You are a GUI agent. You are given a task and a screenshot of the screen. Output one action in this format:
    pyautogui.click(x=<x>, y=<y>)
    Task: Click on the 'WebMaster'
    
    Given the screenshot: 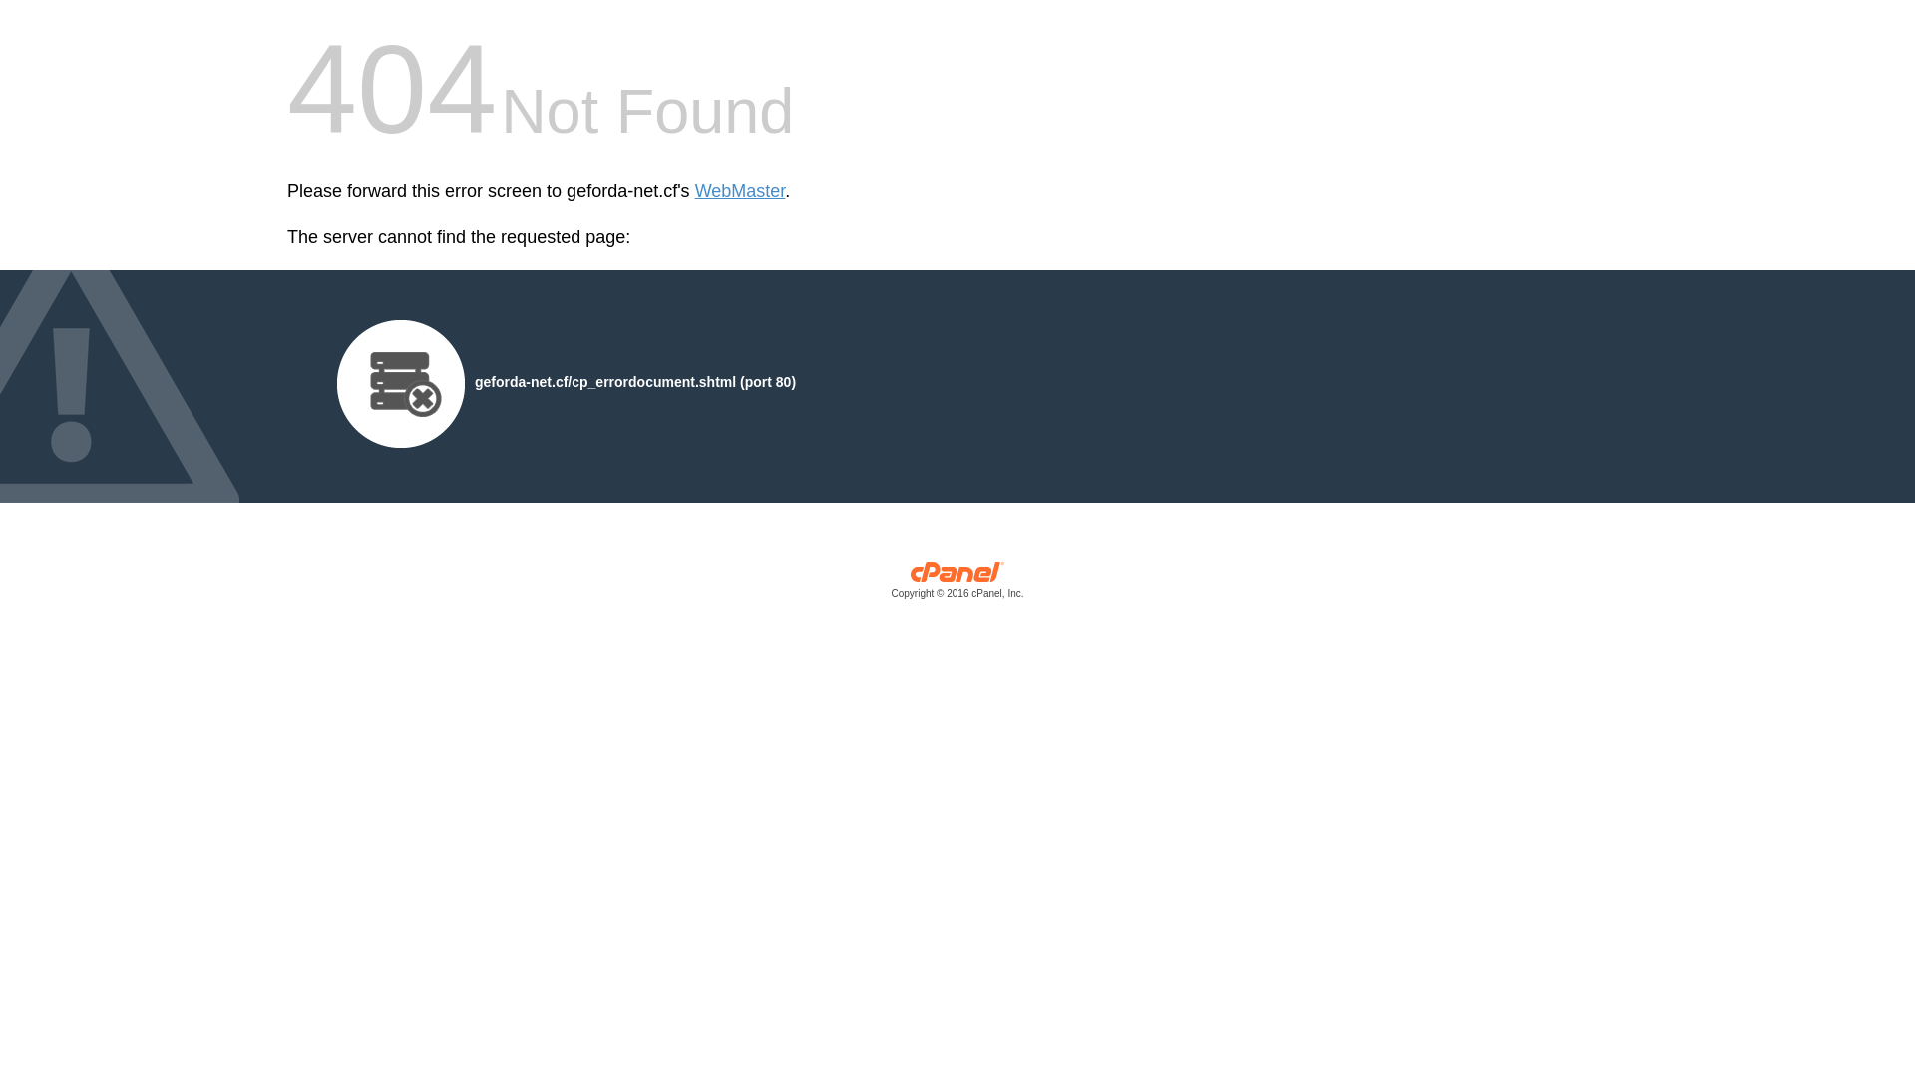 What is the action you would take?
    pyautogui.click(x=739, y=191)
    